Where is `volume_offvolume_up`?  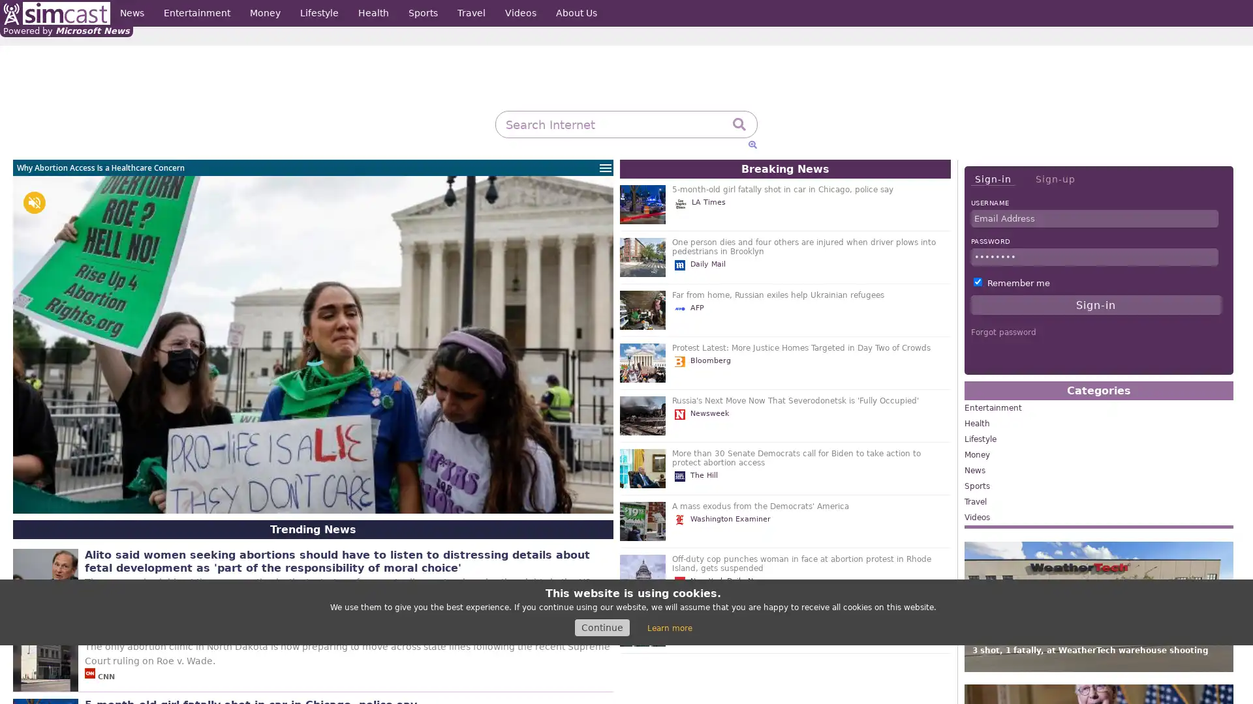
volume_offvolume_up is located at coordinates (34, 203).